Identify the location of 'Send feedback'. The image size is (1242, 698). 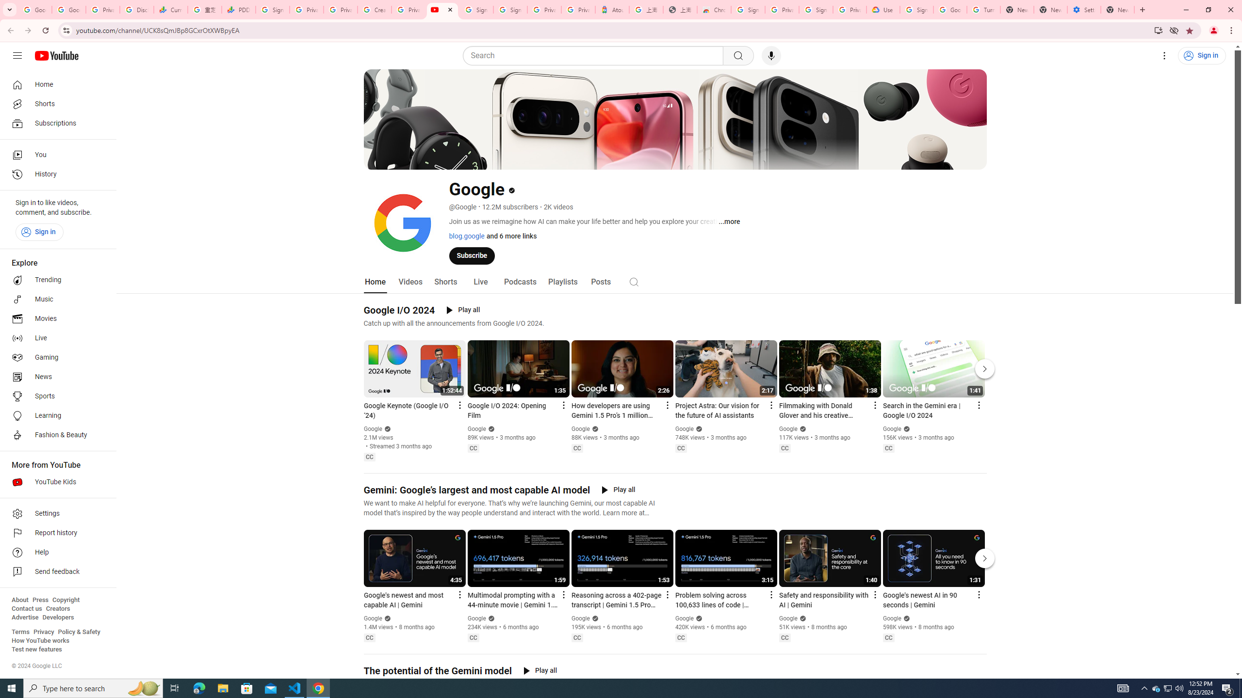
(55, 571).